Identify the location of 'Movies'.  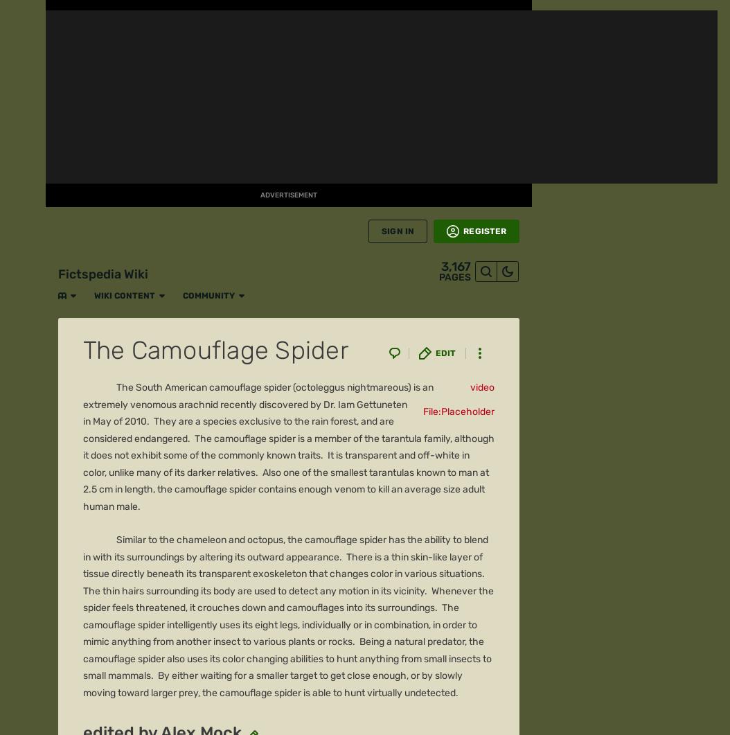
(22, 298).